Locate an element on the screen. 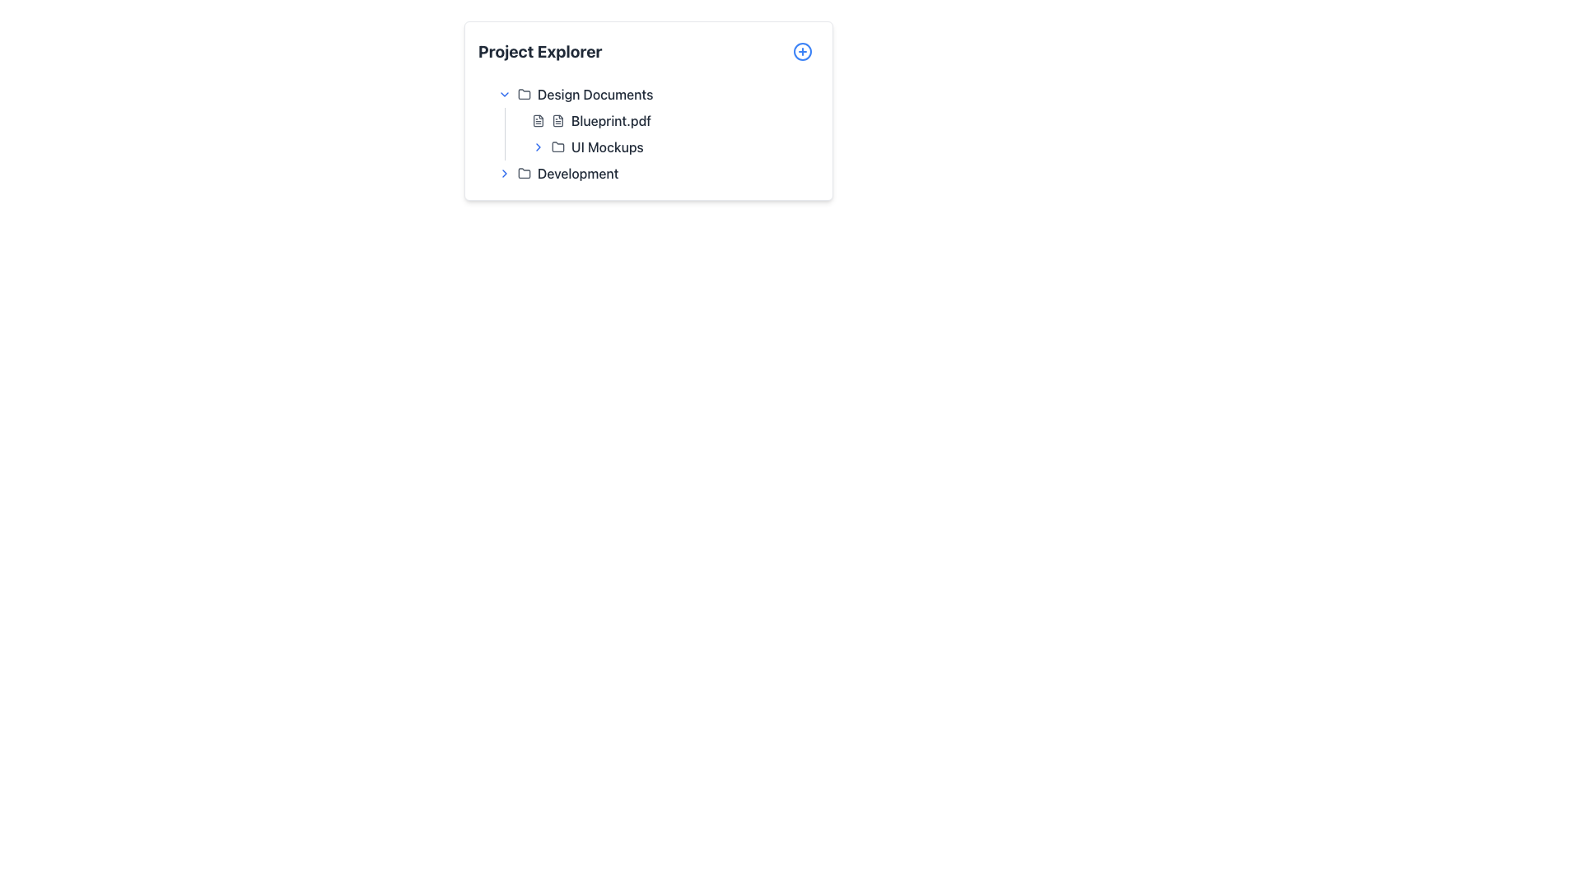  text label indicating the purpose of the item within the 'Project Explorer' under the 'Design Documents' folder is located at coordinates (606, 146).